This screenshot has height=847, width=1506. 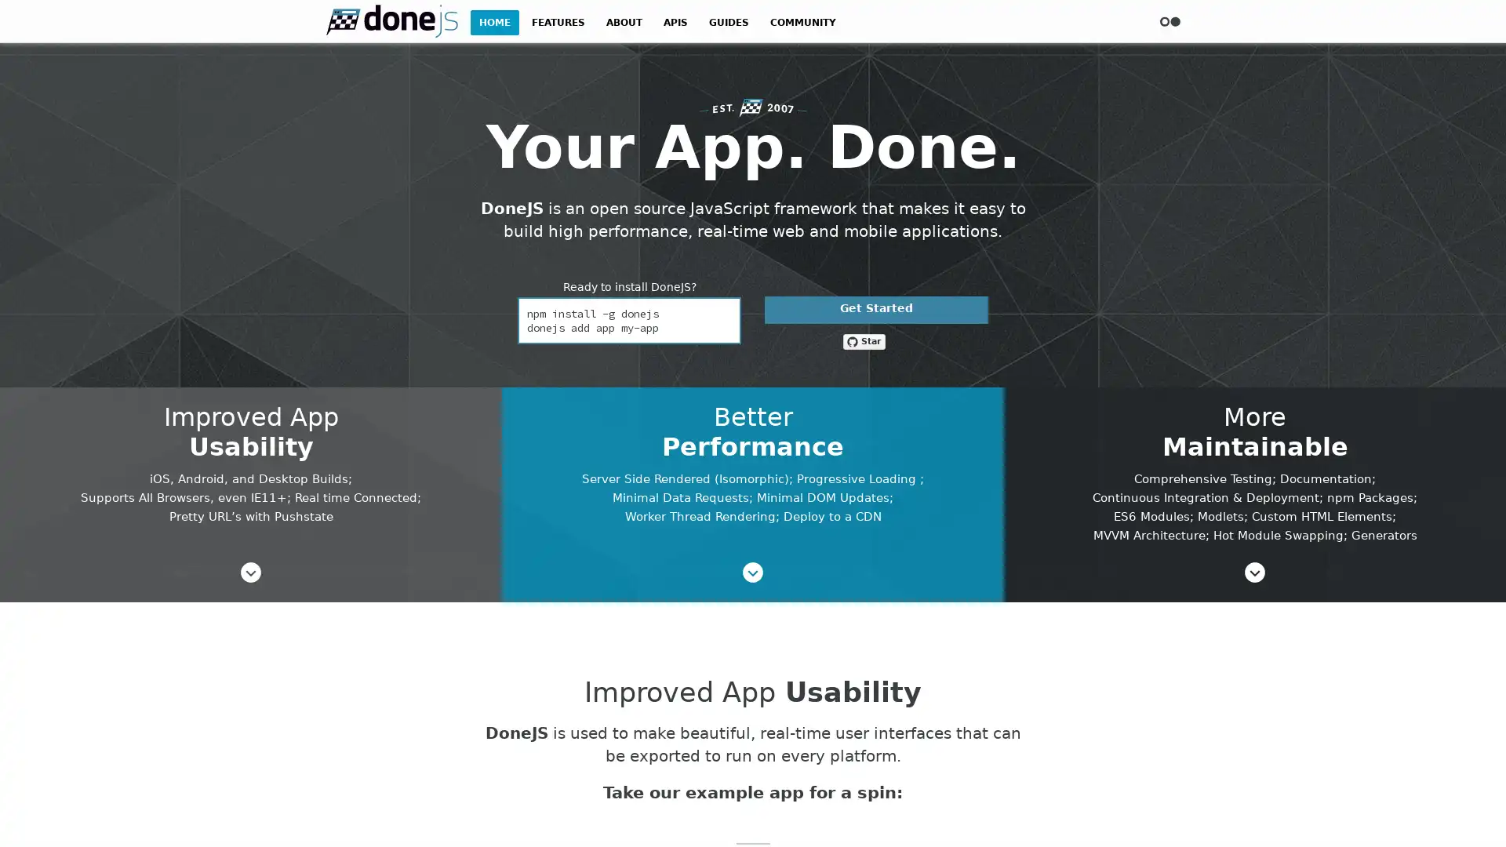 What do you see at coordinates (875, 310) in the screenshot?
I see `Get Started` at bounding box center [875, 310].